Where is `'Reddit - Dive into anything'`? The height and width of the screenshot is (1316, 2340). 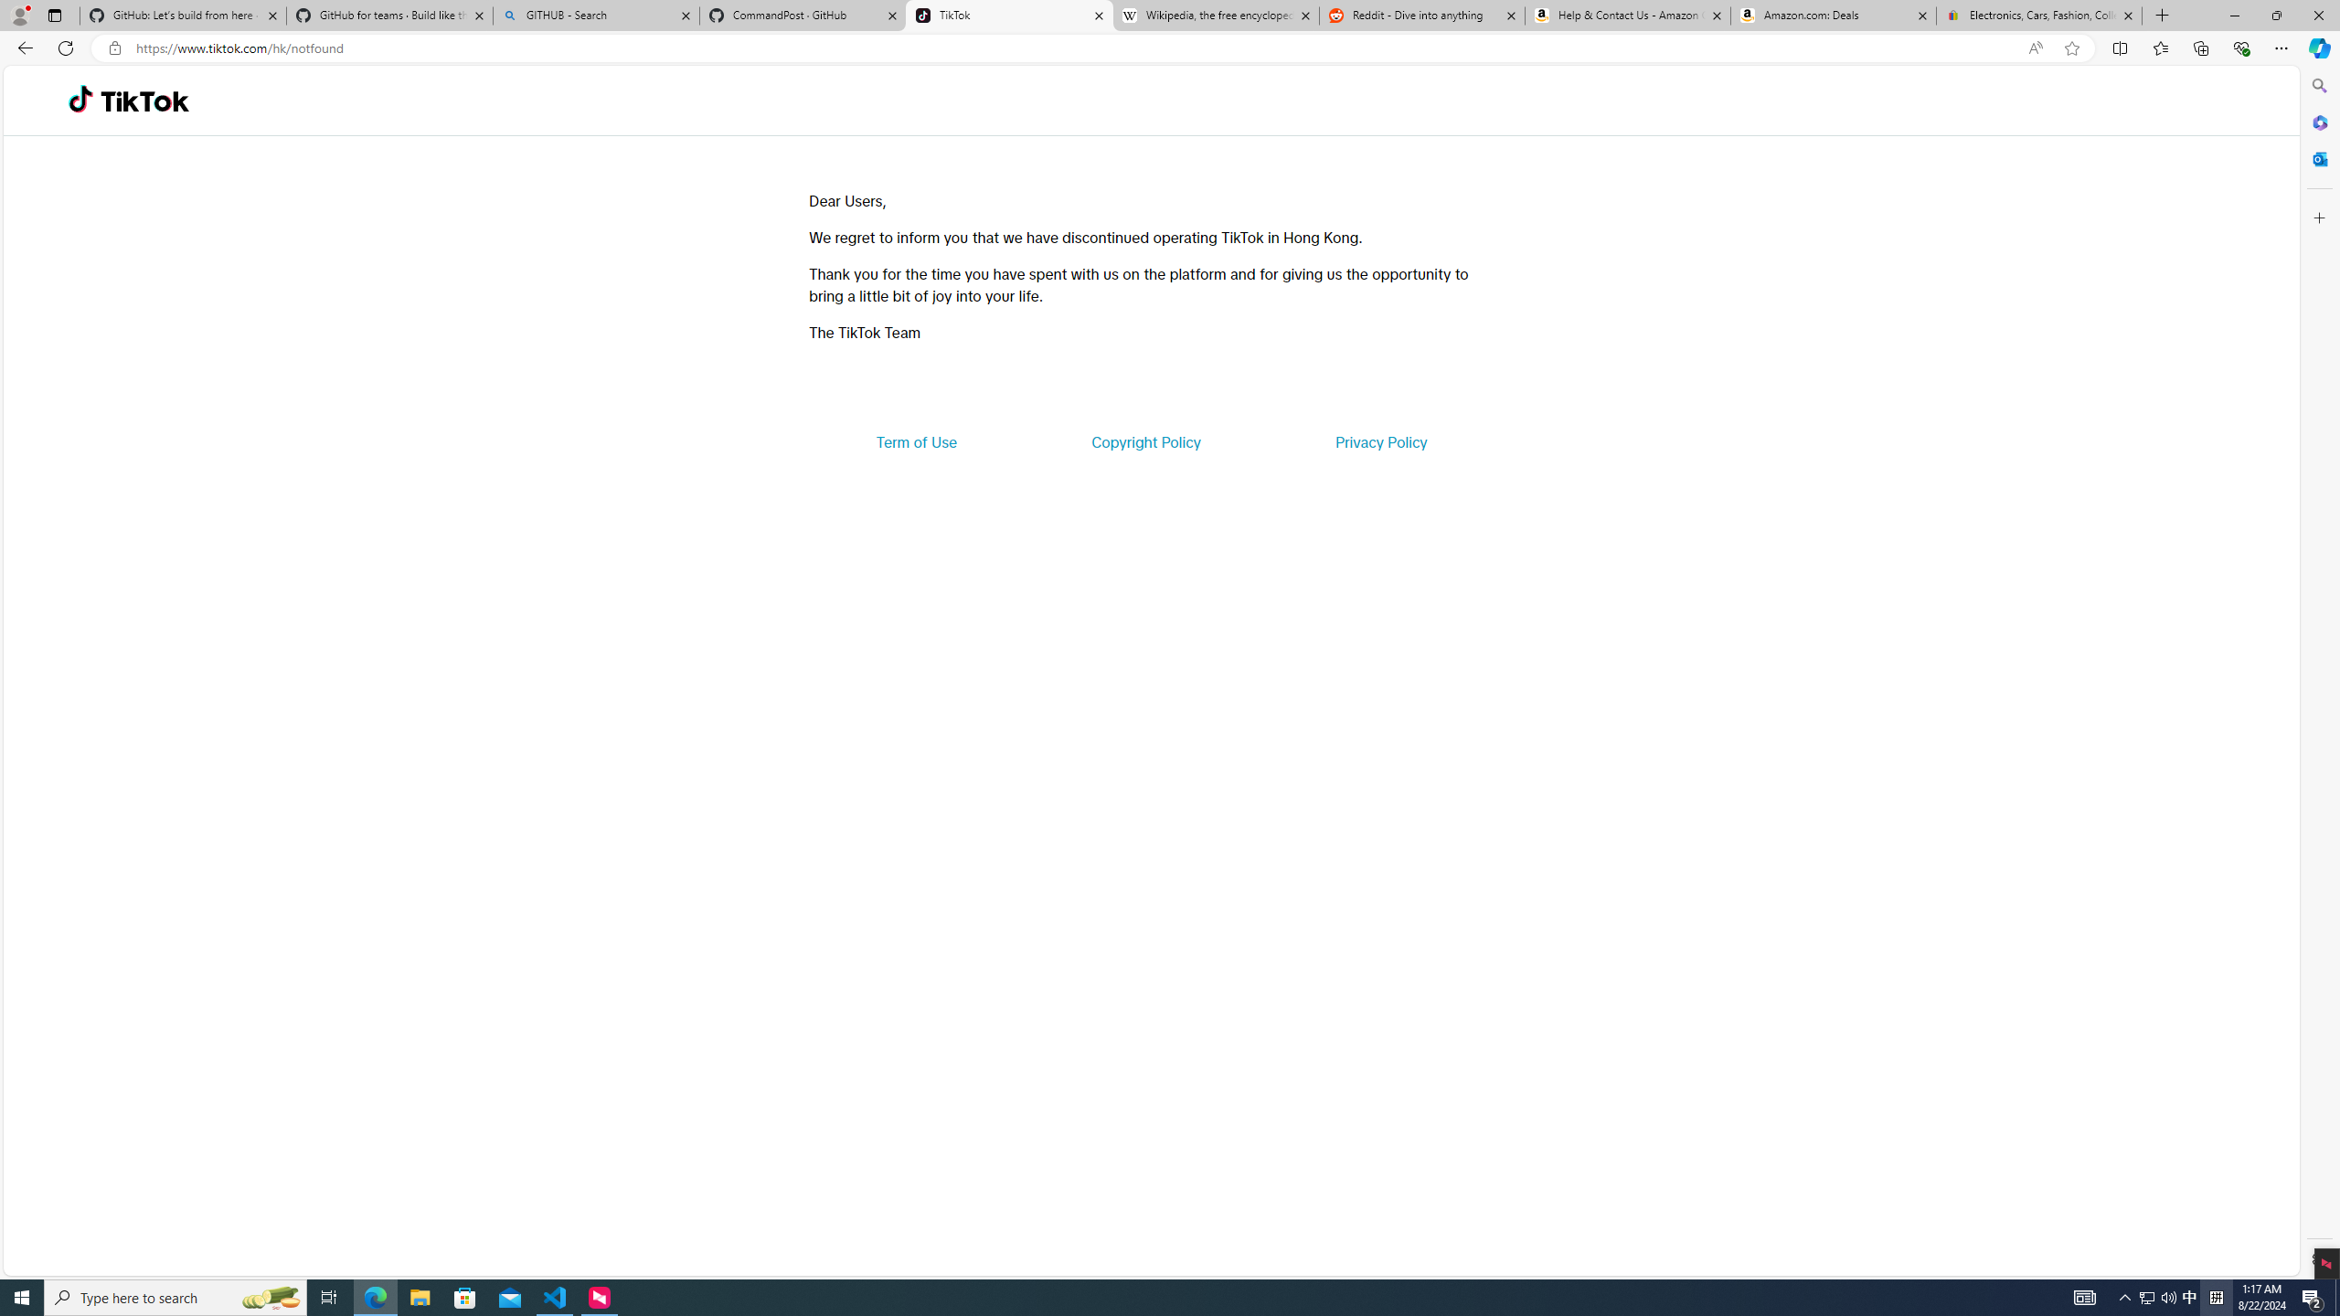
'Reddit - Dive into anything' is located at coordinates (1422, 15).